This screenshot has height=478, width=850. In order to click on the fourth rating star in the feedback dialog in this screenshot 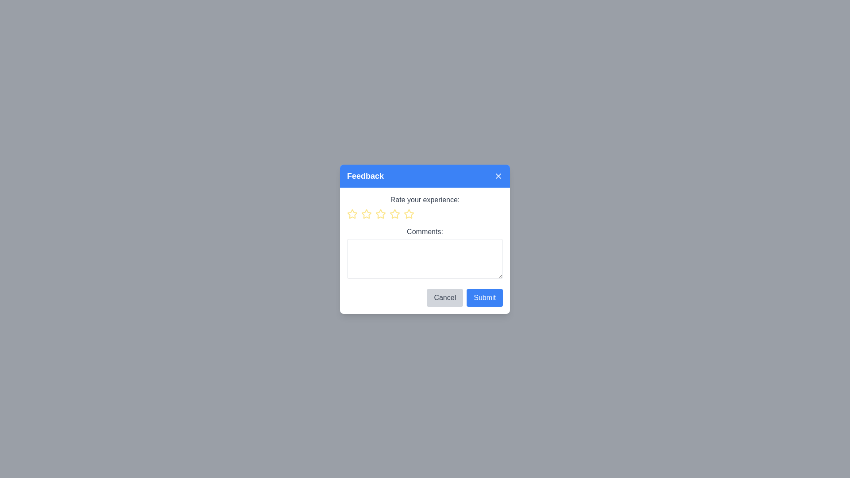, I will do `click(408, 213)`.